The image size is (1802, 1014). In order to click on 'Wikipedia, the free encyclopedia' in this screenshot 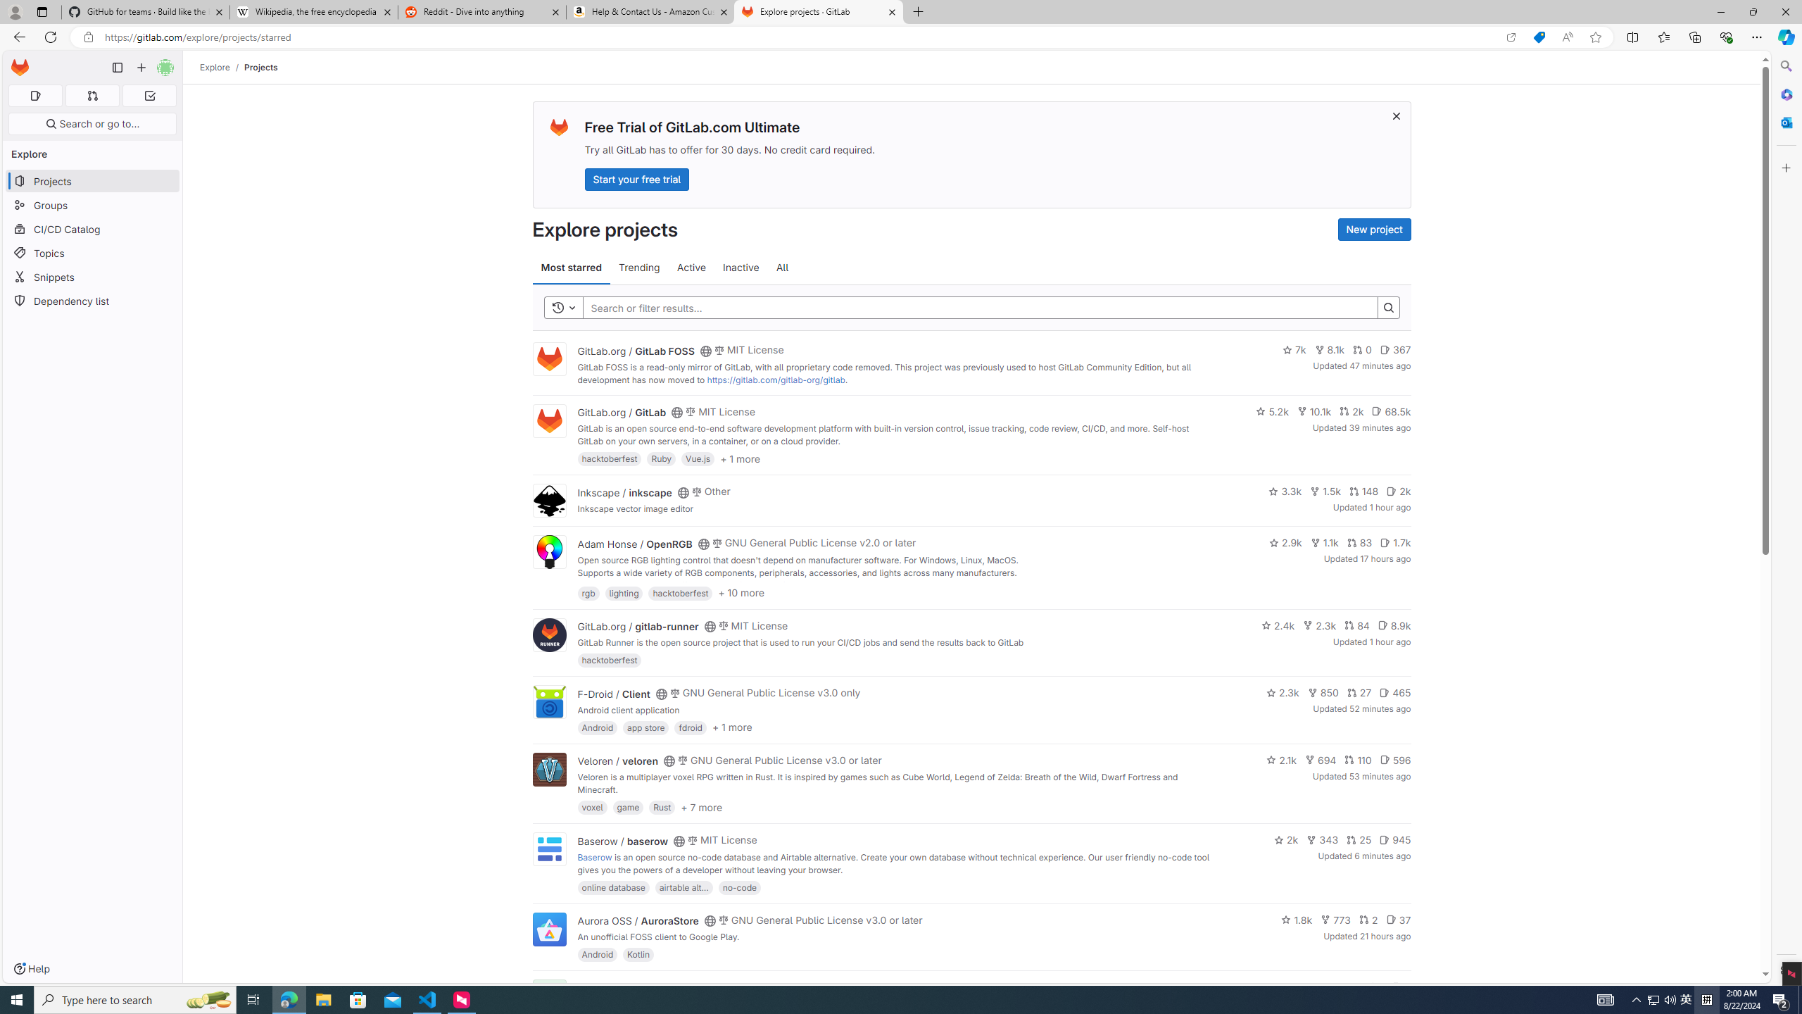, I will do `click(313, 11)`.